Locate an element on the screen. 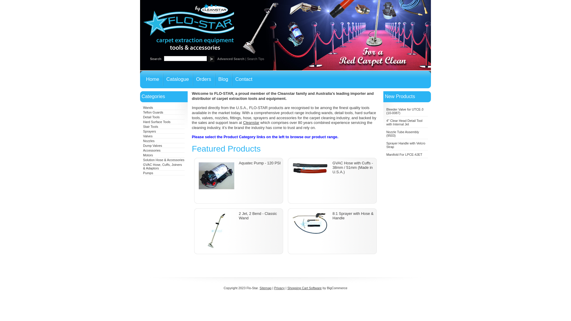  'Privacy' is located at coordinates (279, 287).